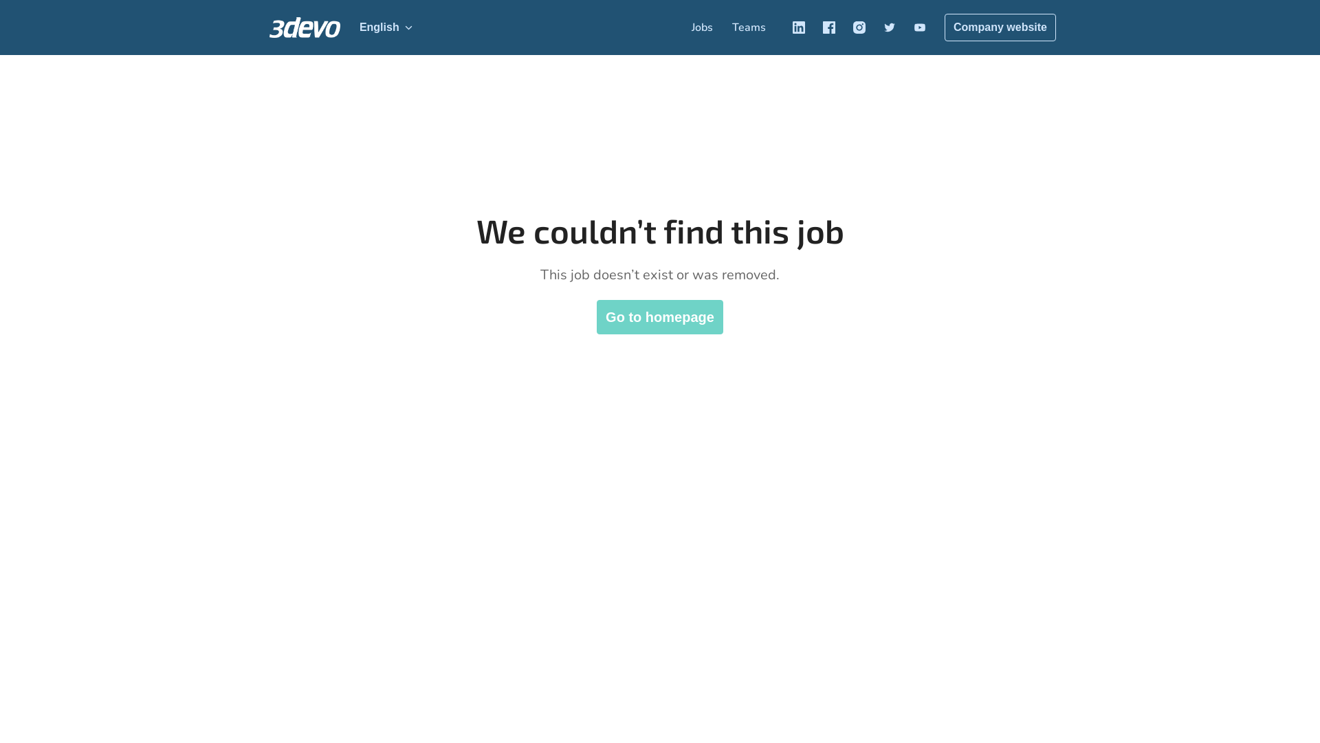  What do you see at coordinates (748, 27) in the screenshot?
I see `'Teams'` at bounding box center [748, 27].